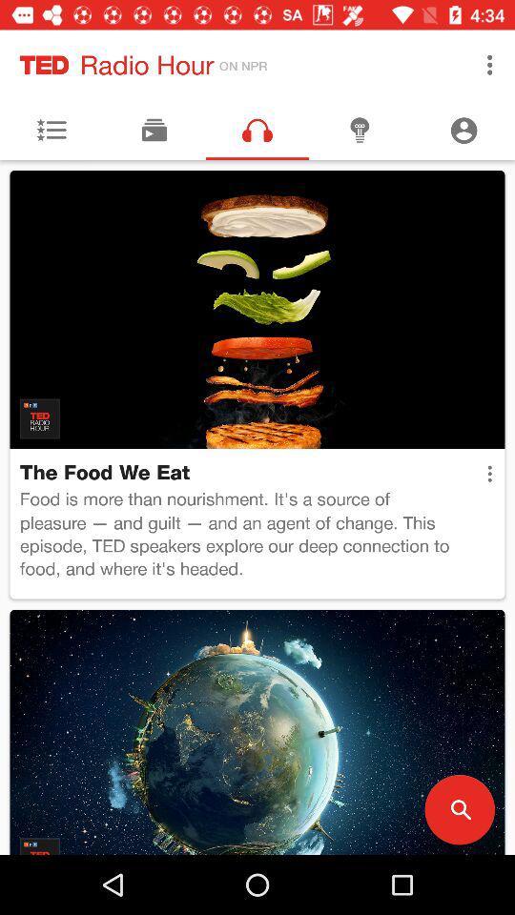 This screenshot has width=515, height=915. What do you see at coordinates (489, 65) in the screenshot?
I see `item next to the on npr item` at bounding box center [489, 65].